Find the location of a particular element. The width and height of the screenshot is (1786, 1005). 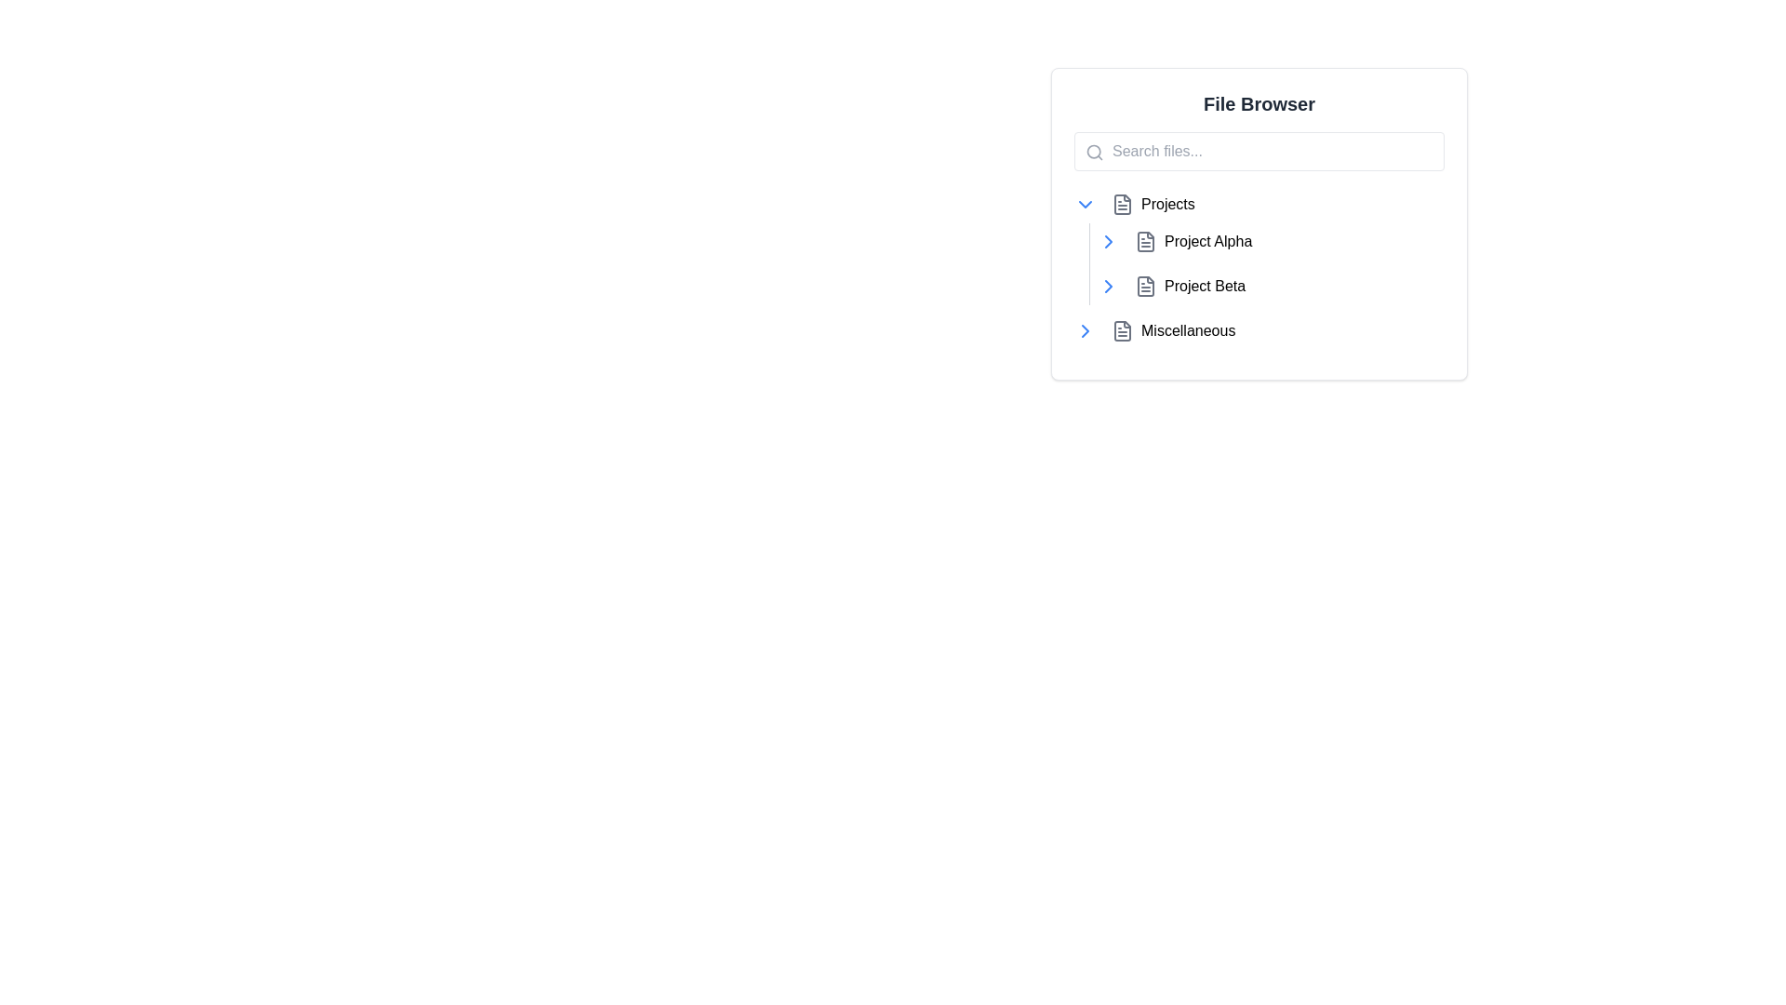

the 'Projects' button located in the 'File Browser' section is located at coordinates (1152, 204).